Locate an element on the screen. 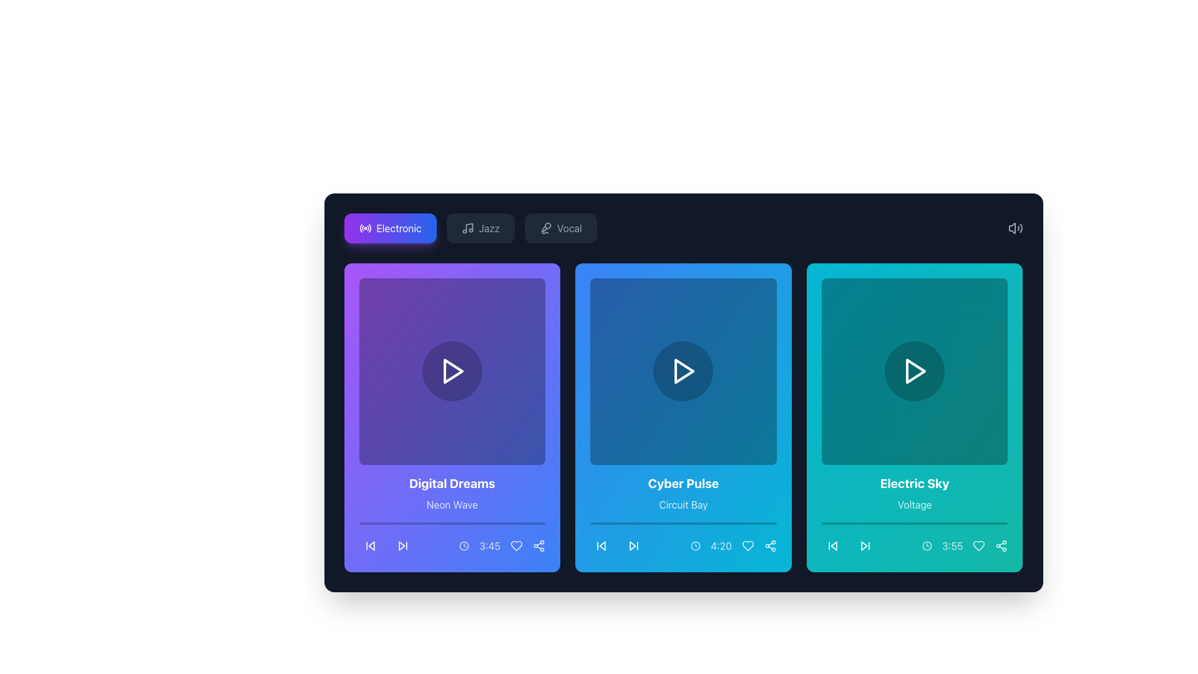 The height and width of the screenshot is (674, 1198). the rewind button located directly below the 'Cyber Pulse' card is located at coordinates (601, 545).